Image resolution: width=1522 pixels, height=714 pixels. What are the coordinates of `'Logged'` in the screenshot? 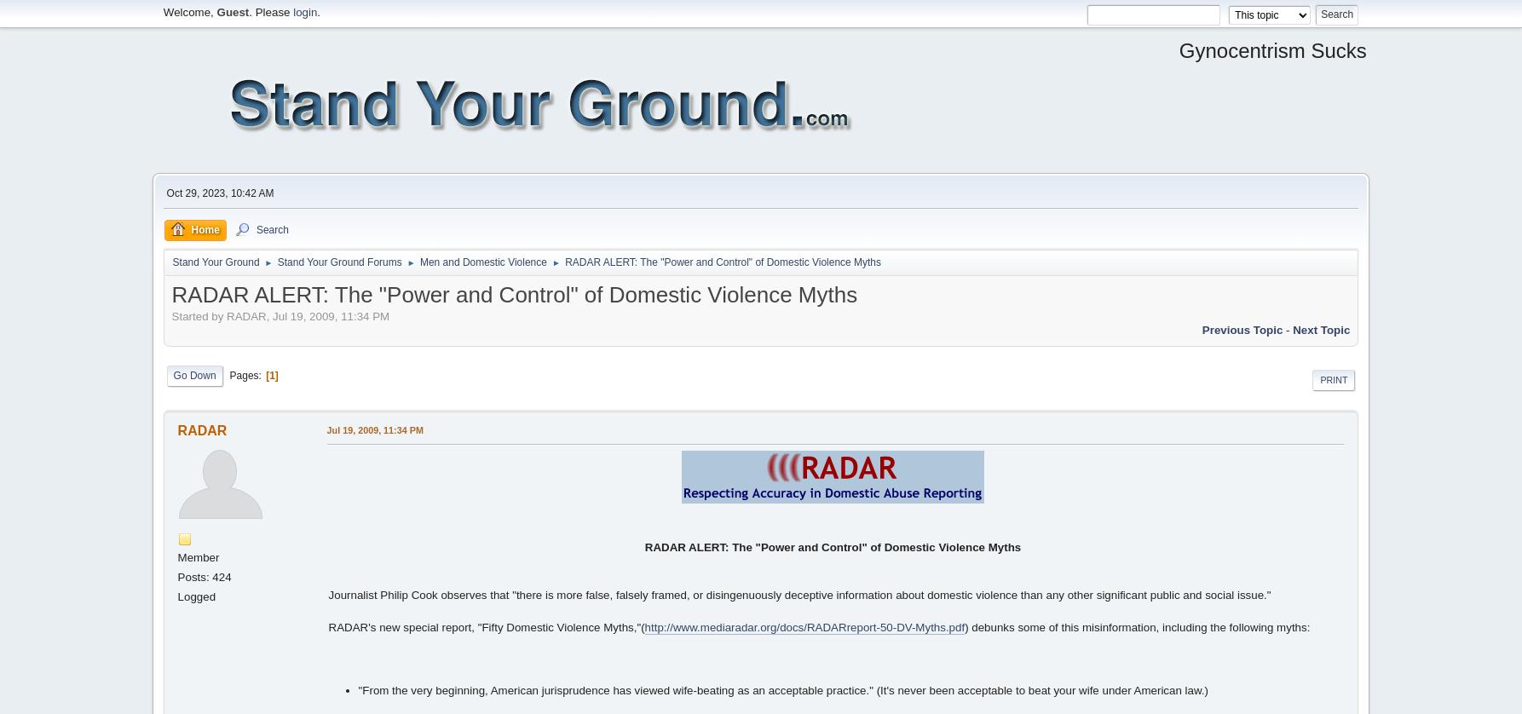 It's located at (176, 596).